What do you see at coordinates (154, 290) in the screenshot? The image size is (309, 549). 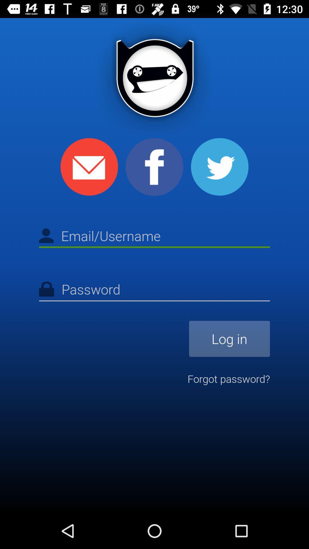 I see `type the password` at bounding box center [154, 290].